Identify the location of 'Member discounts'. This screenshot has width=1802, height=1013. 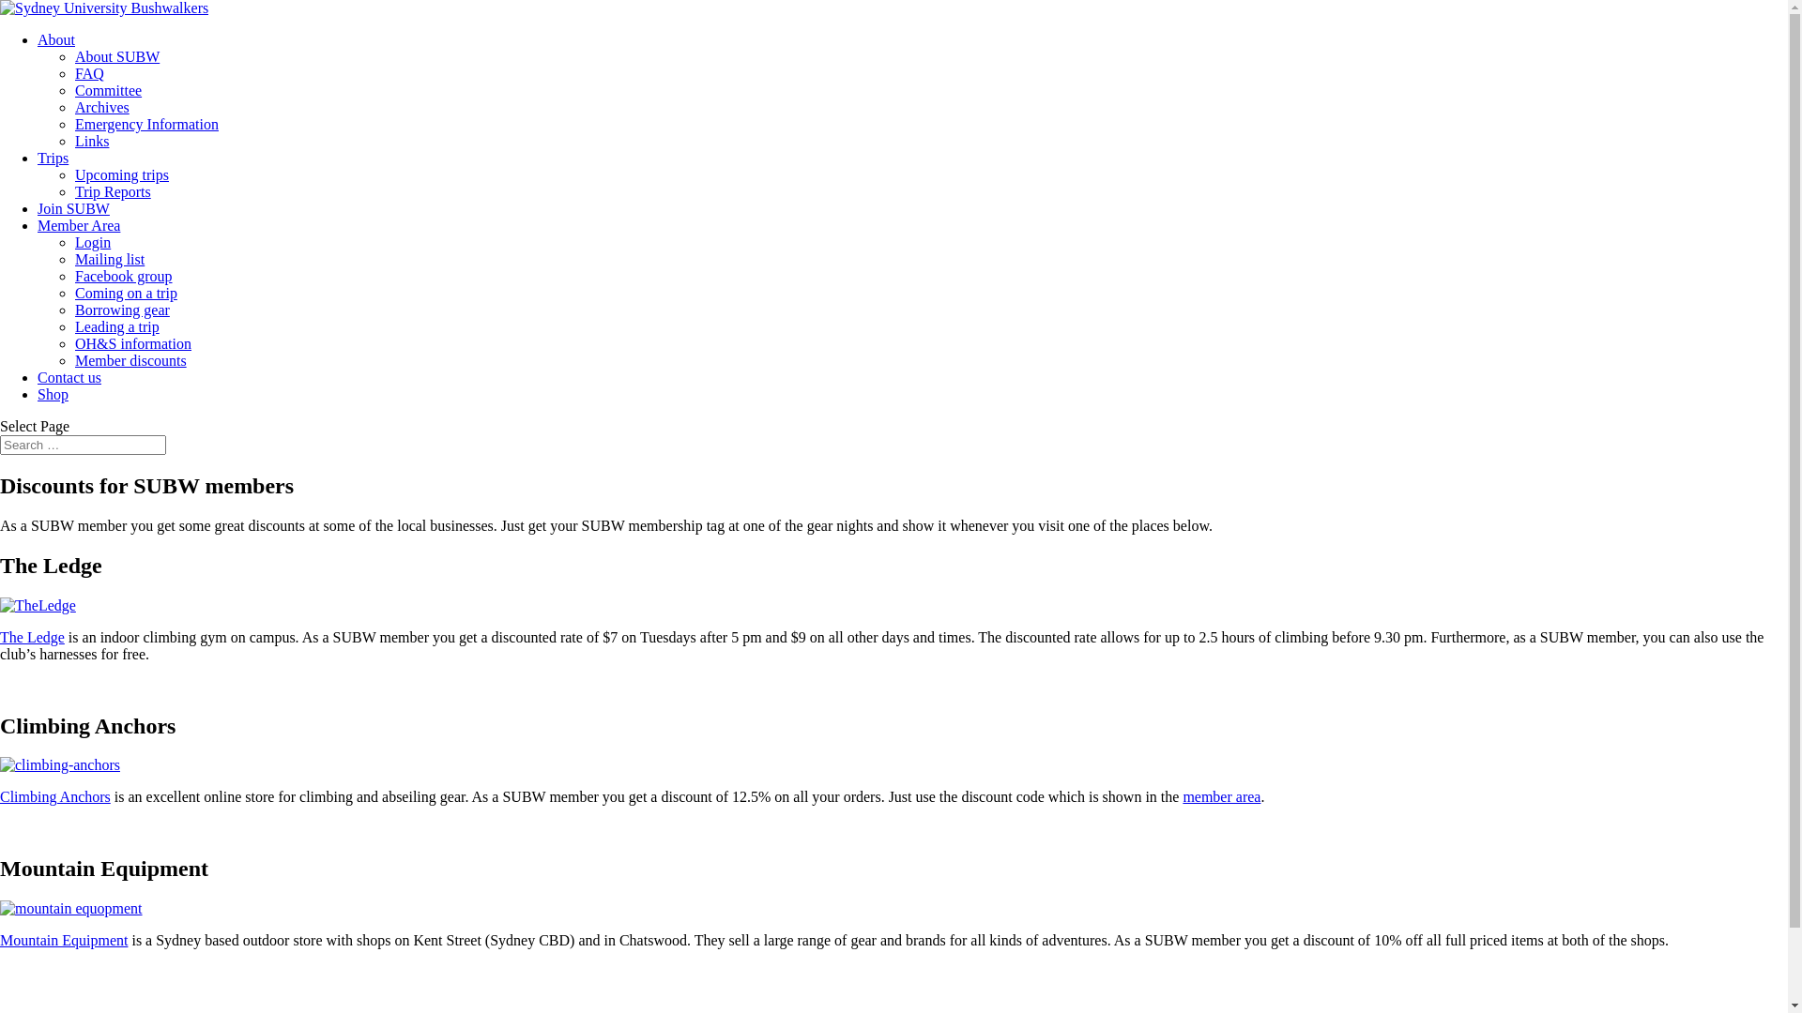
(130, 360).